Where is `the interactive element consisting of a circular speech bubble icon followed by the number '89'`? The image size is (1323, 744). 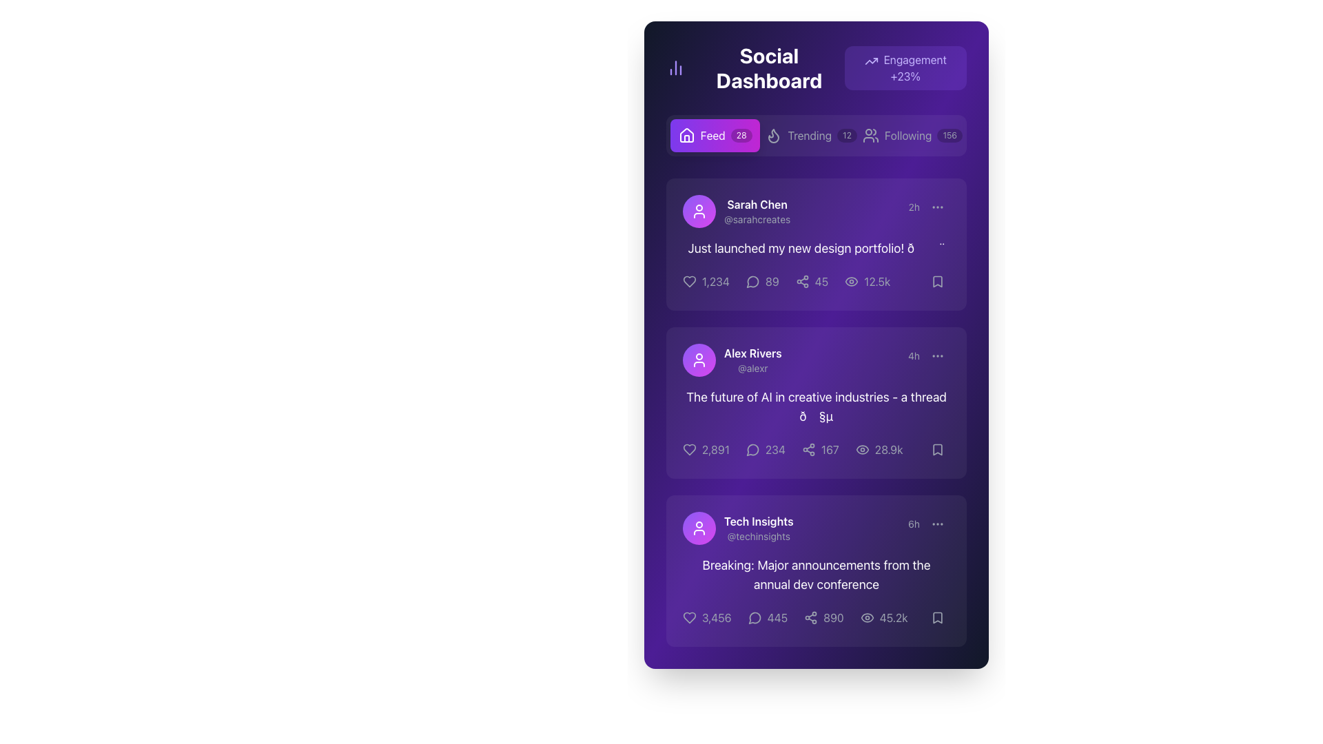
the interactive element consisting of a circular speech bubble icon followed by the number '89' is located at coordinates (761, 280).